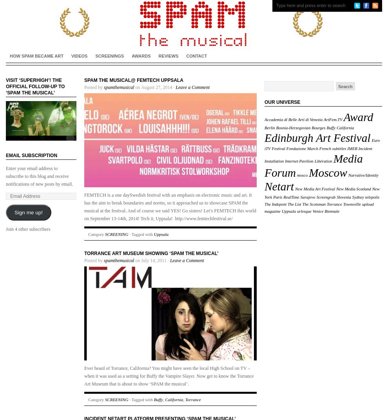  What do you see at coordinates (321, 144) in the screenshot?
I see `'Euro iTV'` at bounding box center [321, 144].